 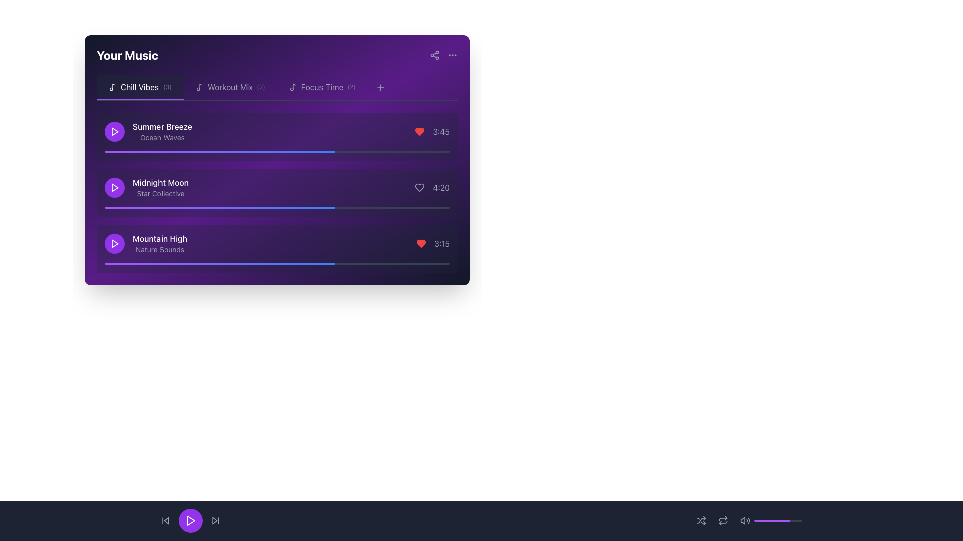 What do you see at coordinates (162, 131) in the screenshot?
I see `displayed information of the music track label located in the 'Your Music' list, which is the first item beneath the 'Chill Vibes' tab, positioned to the right of the circular purple play button` at bounding box center [162, 131].